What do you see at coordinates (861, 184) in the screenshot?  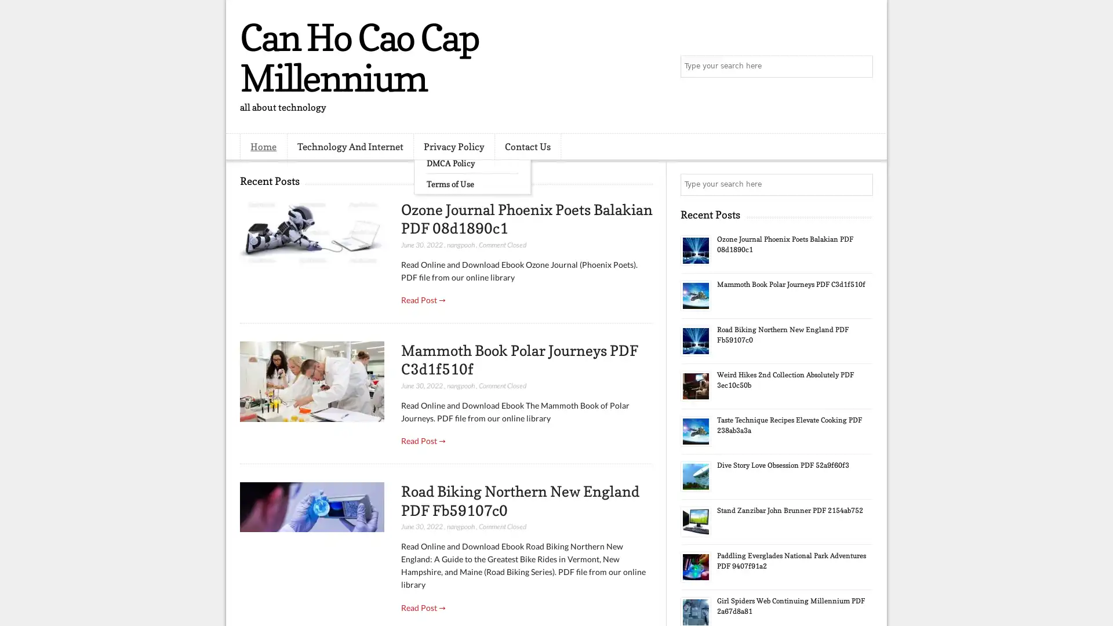 I see `Search` at bounding box center [861, 184].